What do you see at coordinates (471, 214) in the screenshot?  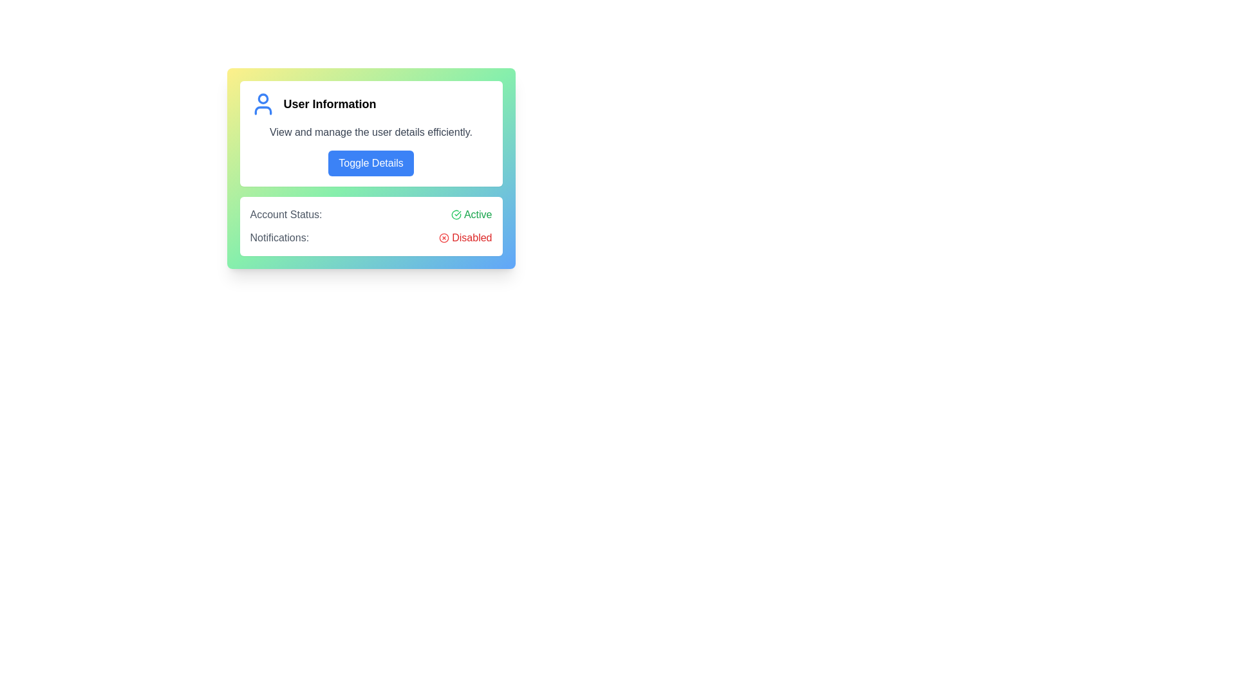 I see `the 'Active' label with a green checkmark icon, indicating a positive account status, located in the 'Account Status' section` at bounding box center [471, 214].